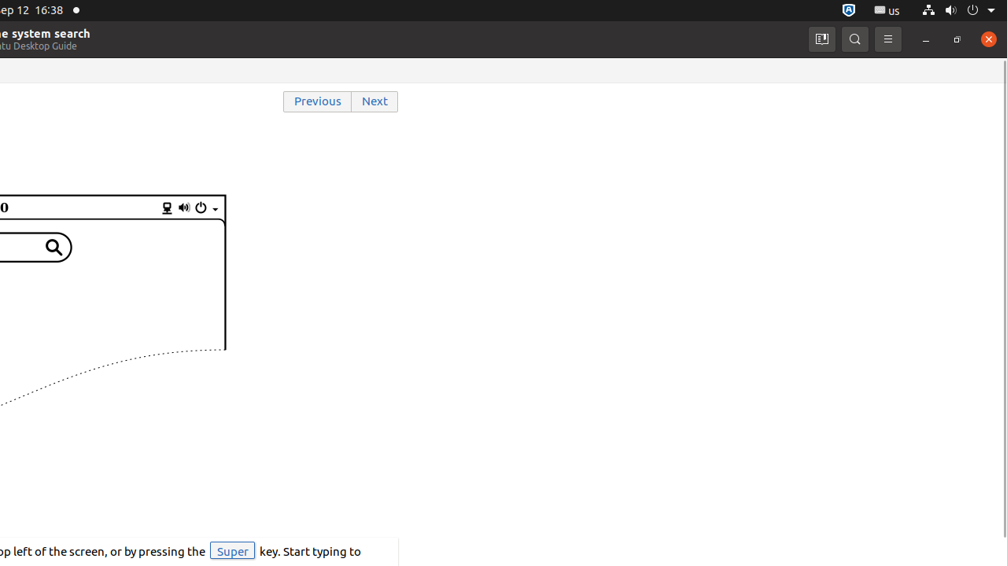 The width and height of the screenshot is (1007, 566). Describe the element at coordinates (374, 101) in the screenshot. I see `'Next'` at that location.